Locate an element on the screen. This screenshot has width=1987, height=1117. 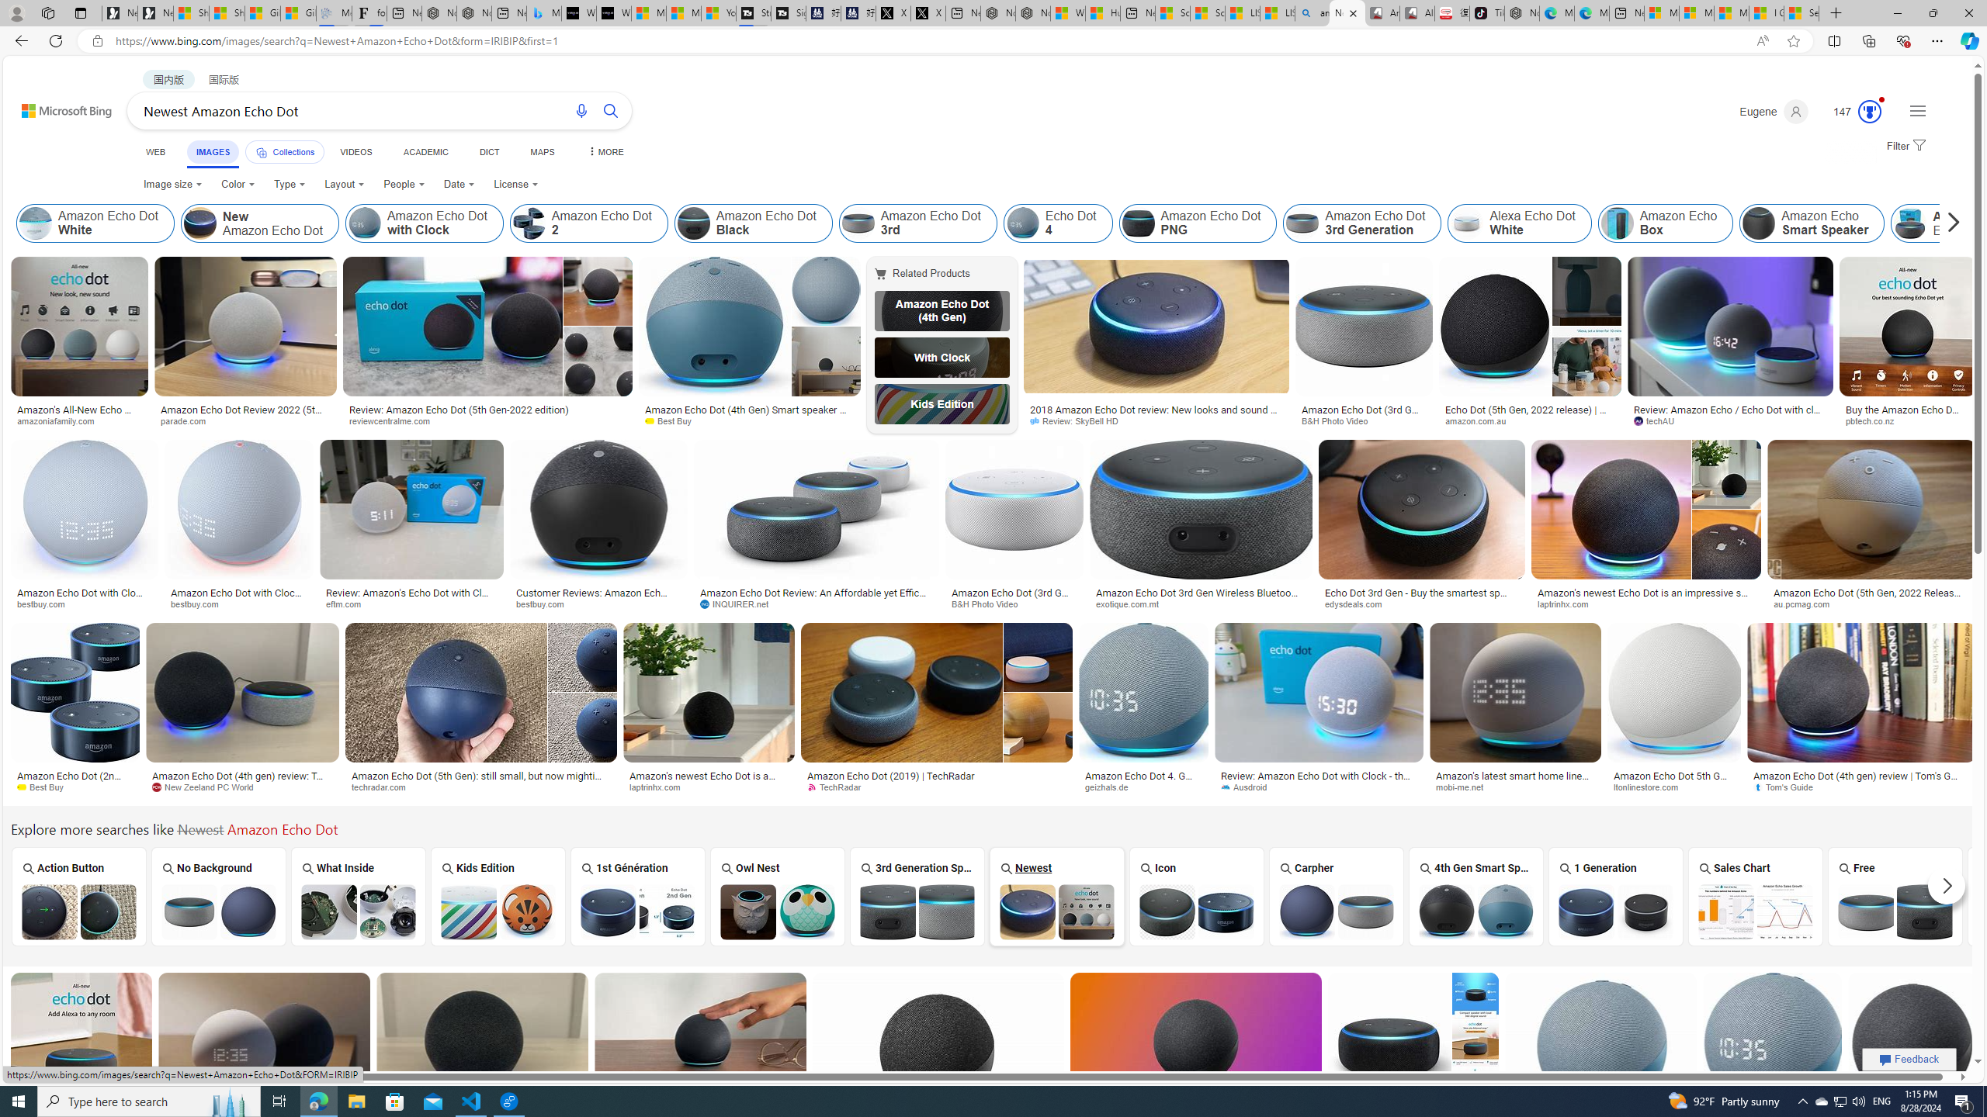
'What Inside' is located at coordinates (358, 895).